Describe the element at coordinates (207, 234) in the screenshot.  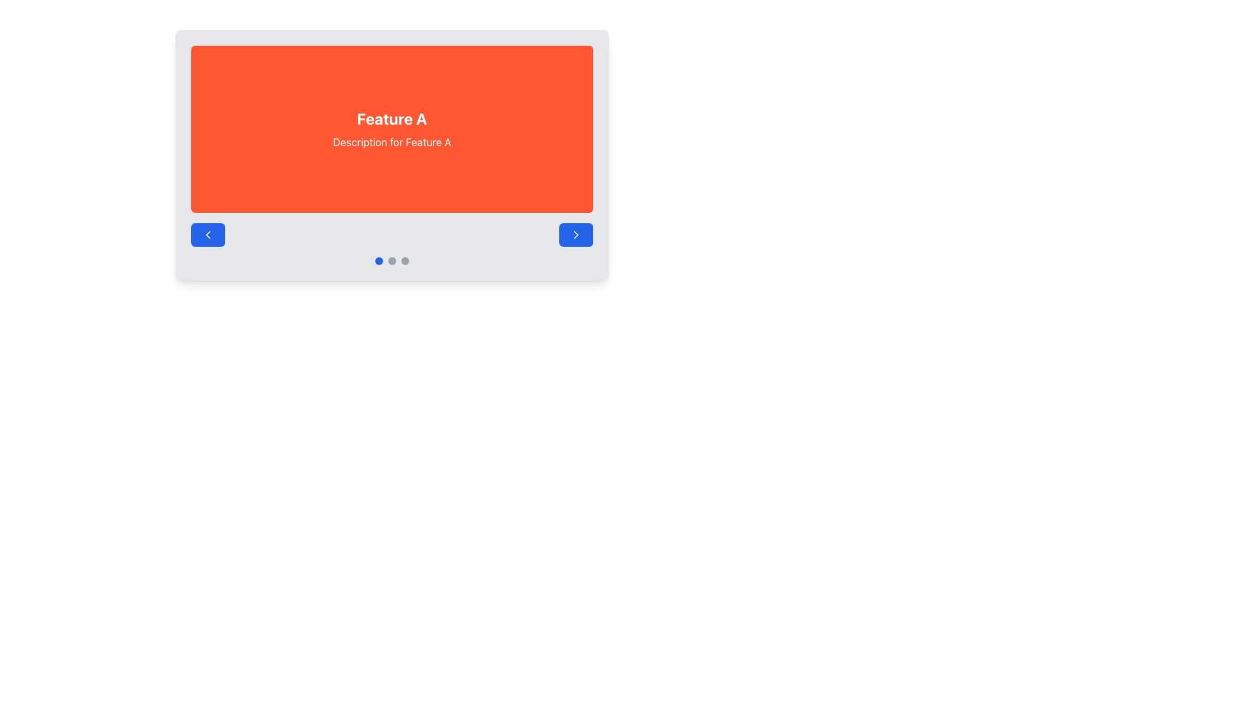
I see `the leftmost 'Previous' navigation button, which is represented by a chevron icon located on the left side of the navigation control area under the main content section` at that location.